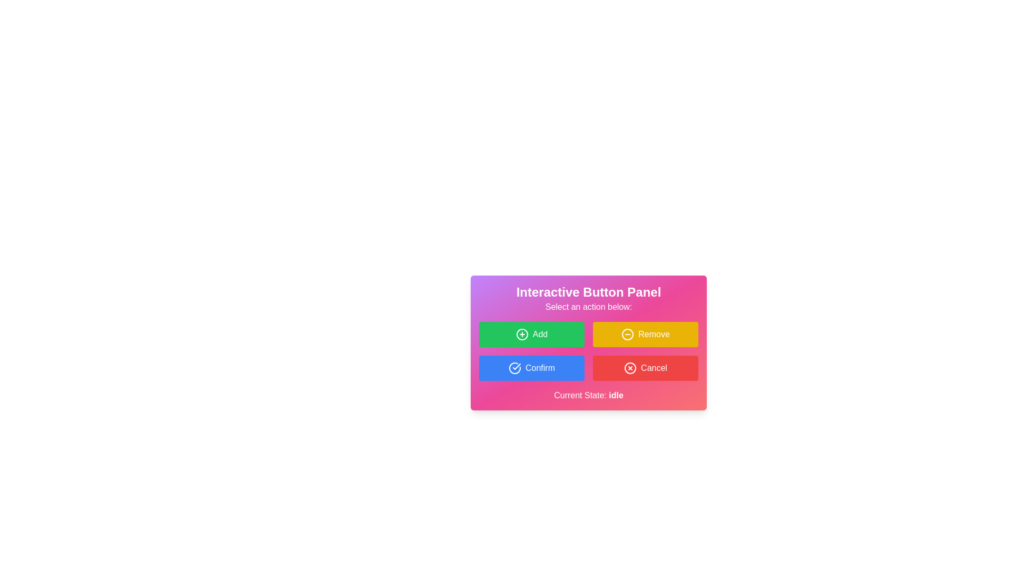 The height and width of the screenshot is (569, 1012). I want to click on the text block displaying 'Interactive Button Panel' and 'Select an action below' at the top of the gradient-colored panel, so click(588, 299).